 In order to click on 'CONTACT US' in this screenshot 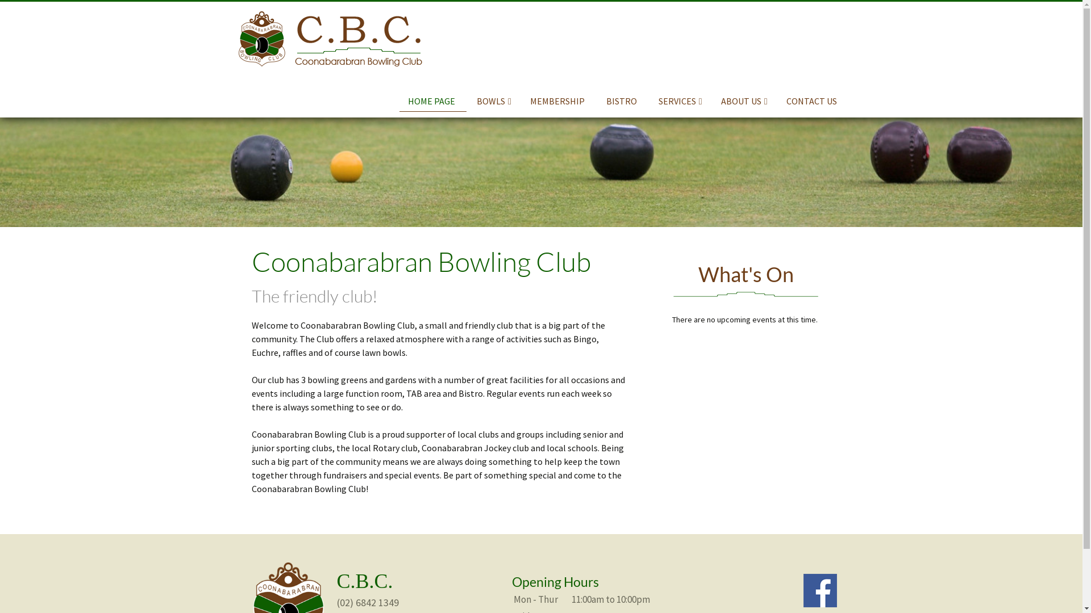, I will do `click(777, 100)`.